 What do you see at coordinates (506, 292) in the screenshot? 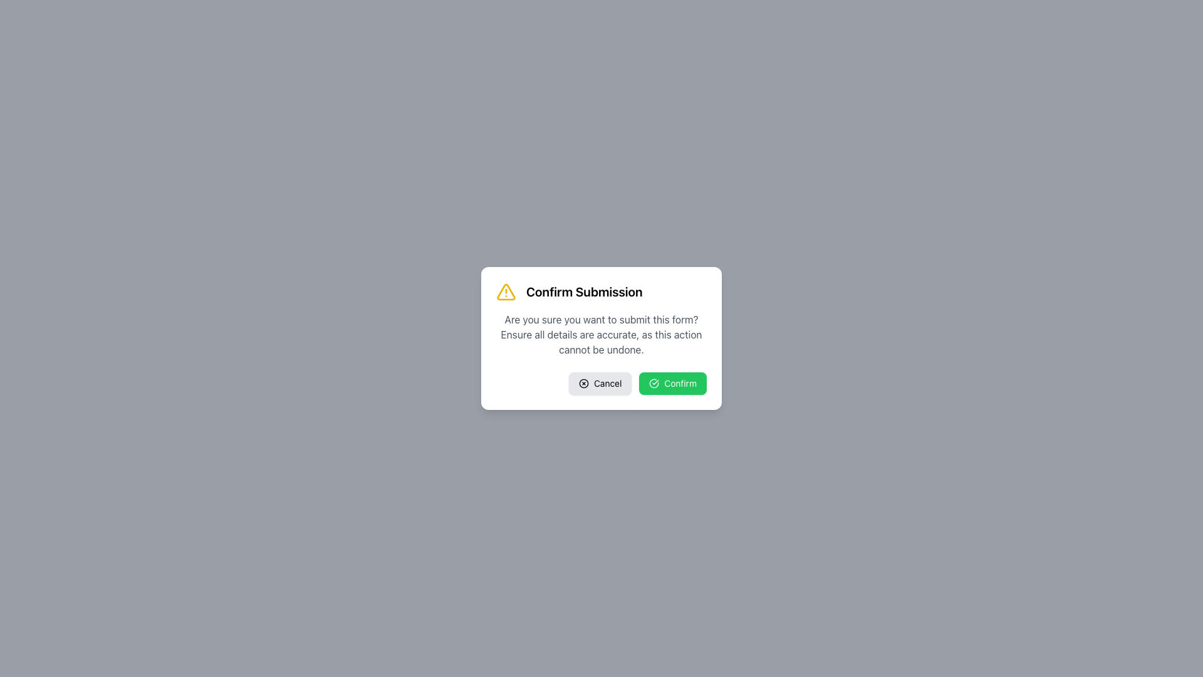
I see `the yellow triangular warning icon with a bold exclamation mark in the confirmation modal, located next to the text heading 'Confirm Submission'` at bounding box center [506, 292].